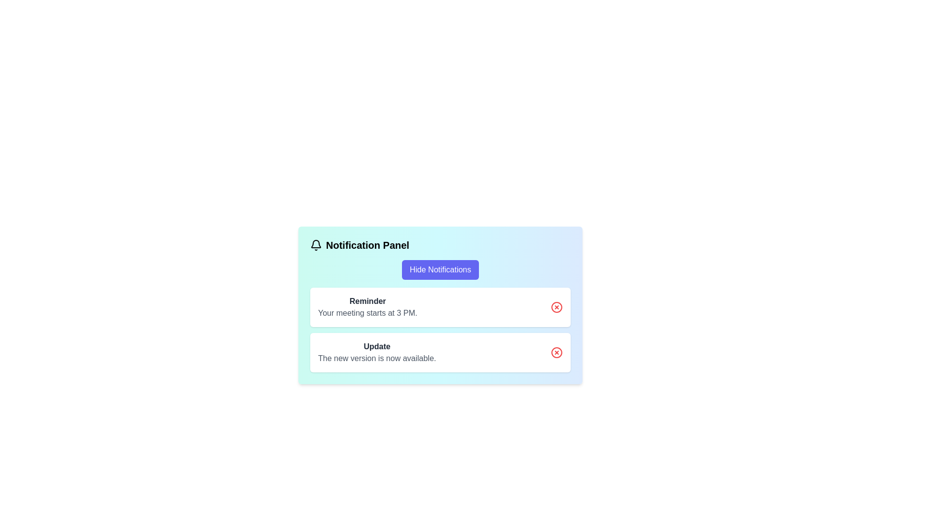 The image size is (947, 532). What do you see at coordinates (556, 352) in the screenshot?
I see `the red circular icon button with a cross inside it, located on the far right side of the second notification card titled 'Update' in the notification panel` at bounding box center [556, 352].